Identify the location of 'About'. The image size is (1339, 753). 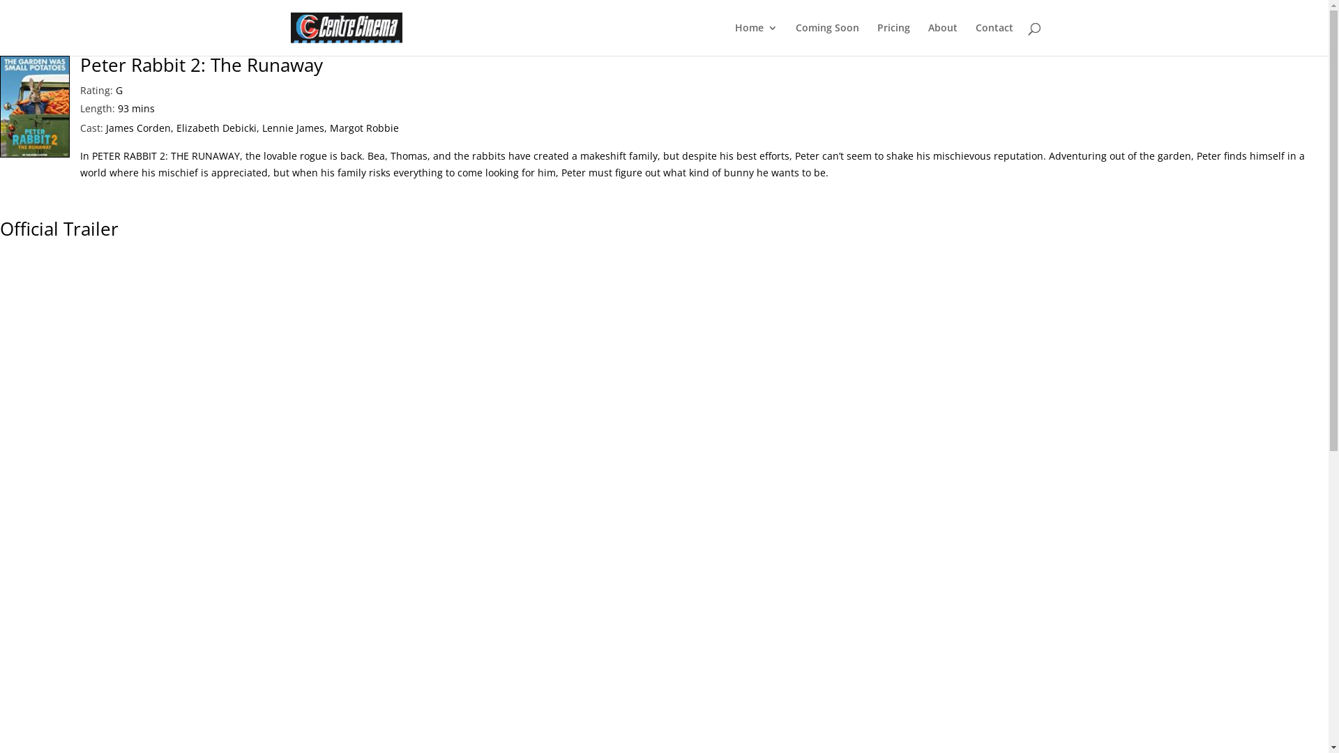
(941, 38).